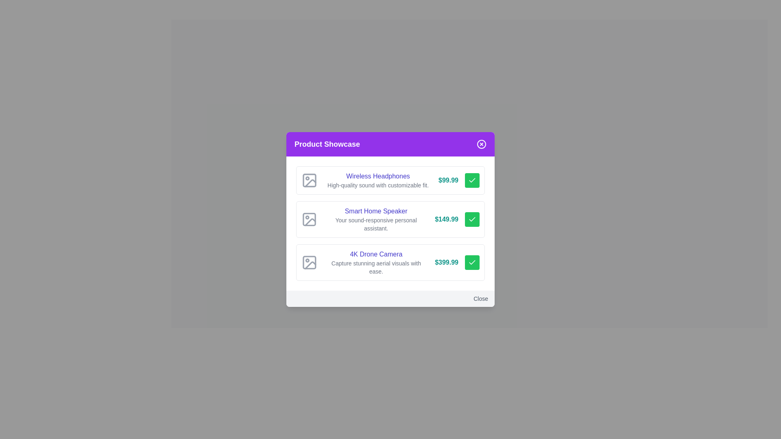  I want to click on the text block displaying 'Capture stunning aerial visuals with ease.' located below the title '4K Drone Camera' in the third product entry of the vertical product showcase list, so click(375, 267).